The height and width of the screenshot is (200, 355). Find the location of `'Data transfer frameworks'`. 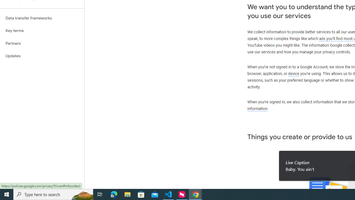

'Data transfer frameworks' is located at coordinates (42, 18).